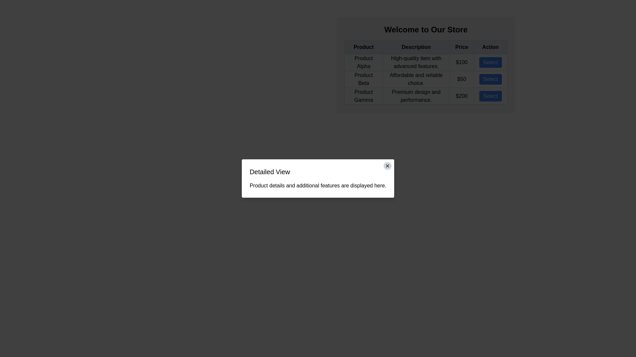 The width and height of the screenshot is (636, 357). I want to click on the Table Header Cell displaying 'Description', which is prominently styled and positioned between 'Product' and 'Price' in the header row, so click(416, 47).